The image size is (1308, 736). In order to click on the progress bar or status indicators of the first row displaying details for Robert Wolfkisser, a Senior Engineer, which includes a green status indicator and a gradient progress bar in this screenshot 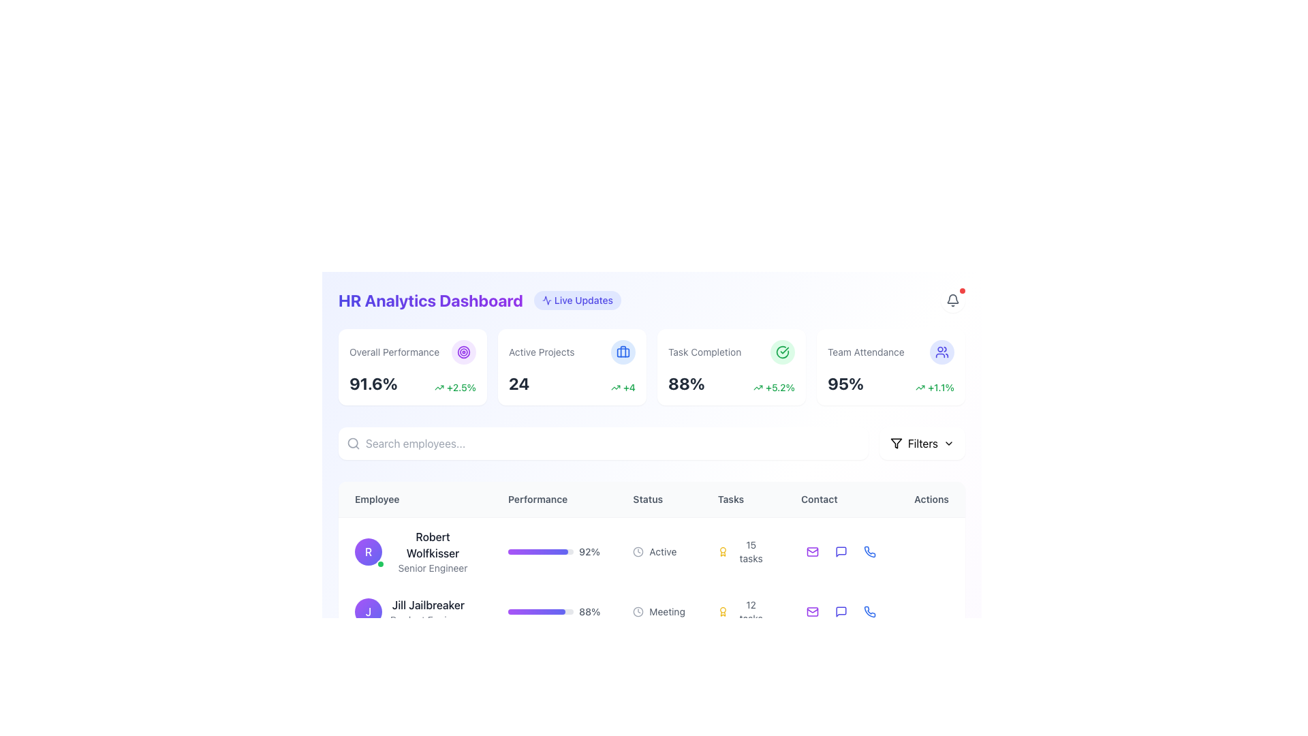, I will do `click(651, 551)`.